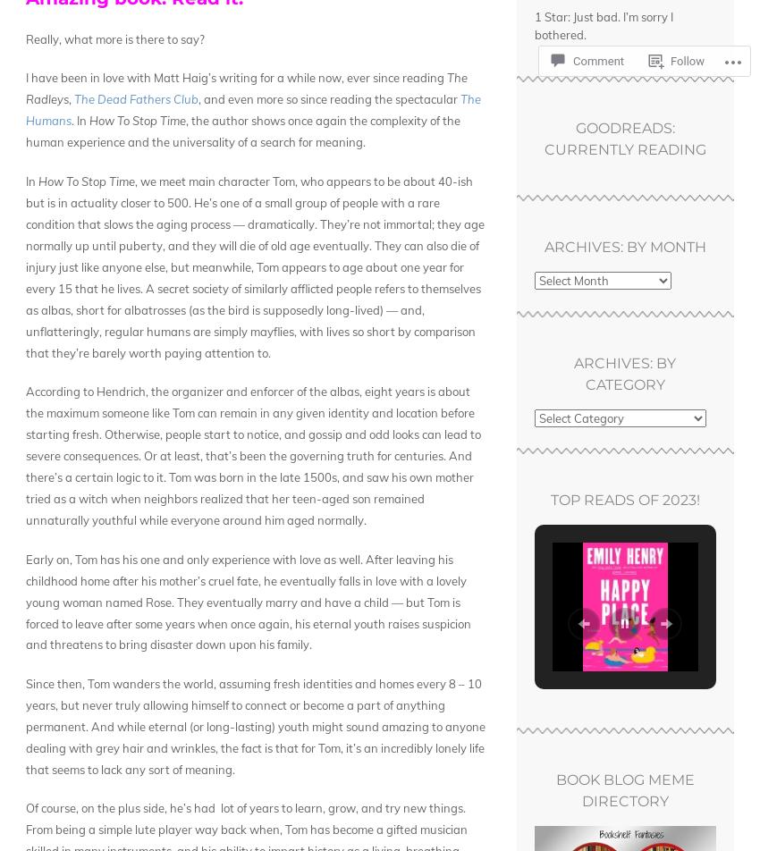  I want to click on 'Archives: By Month', so click(623, 247).